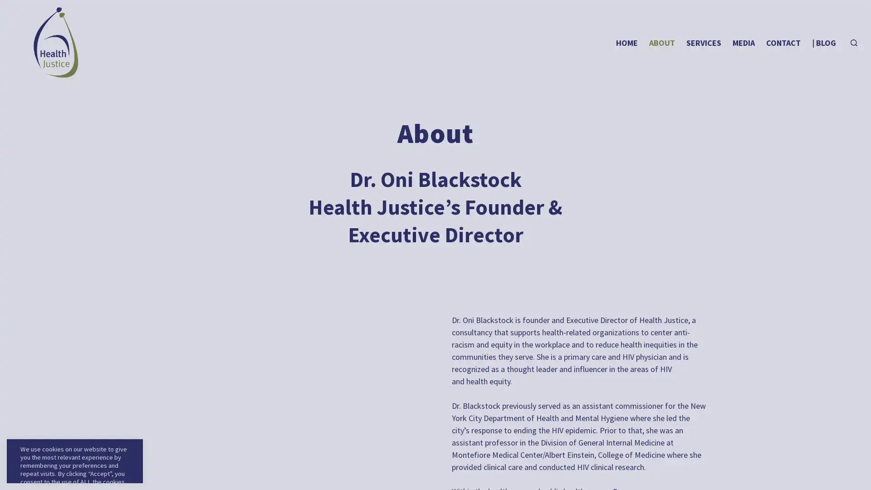 This screenshot has width=871, height=490. Describe the element at coordinates (853, 43) in the screenshot. I see `Open search form` at that location.